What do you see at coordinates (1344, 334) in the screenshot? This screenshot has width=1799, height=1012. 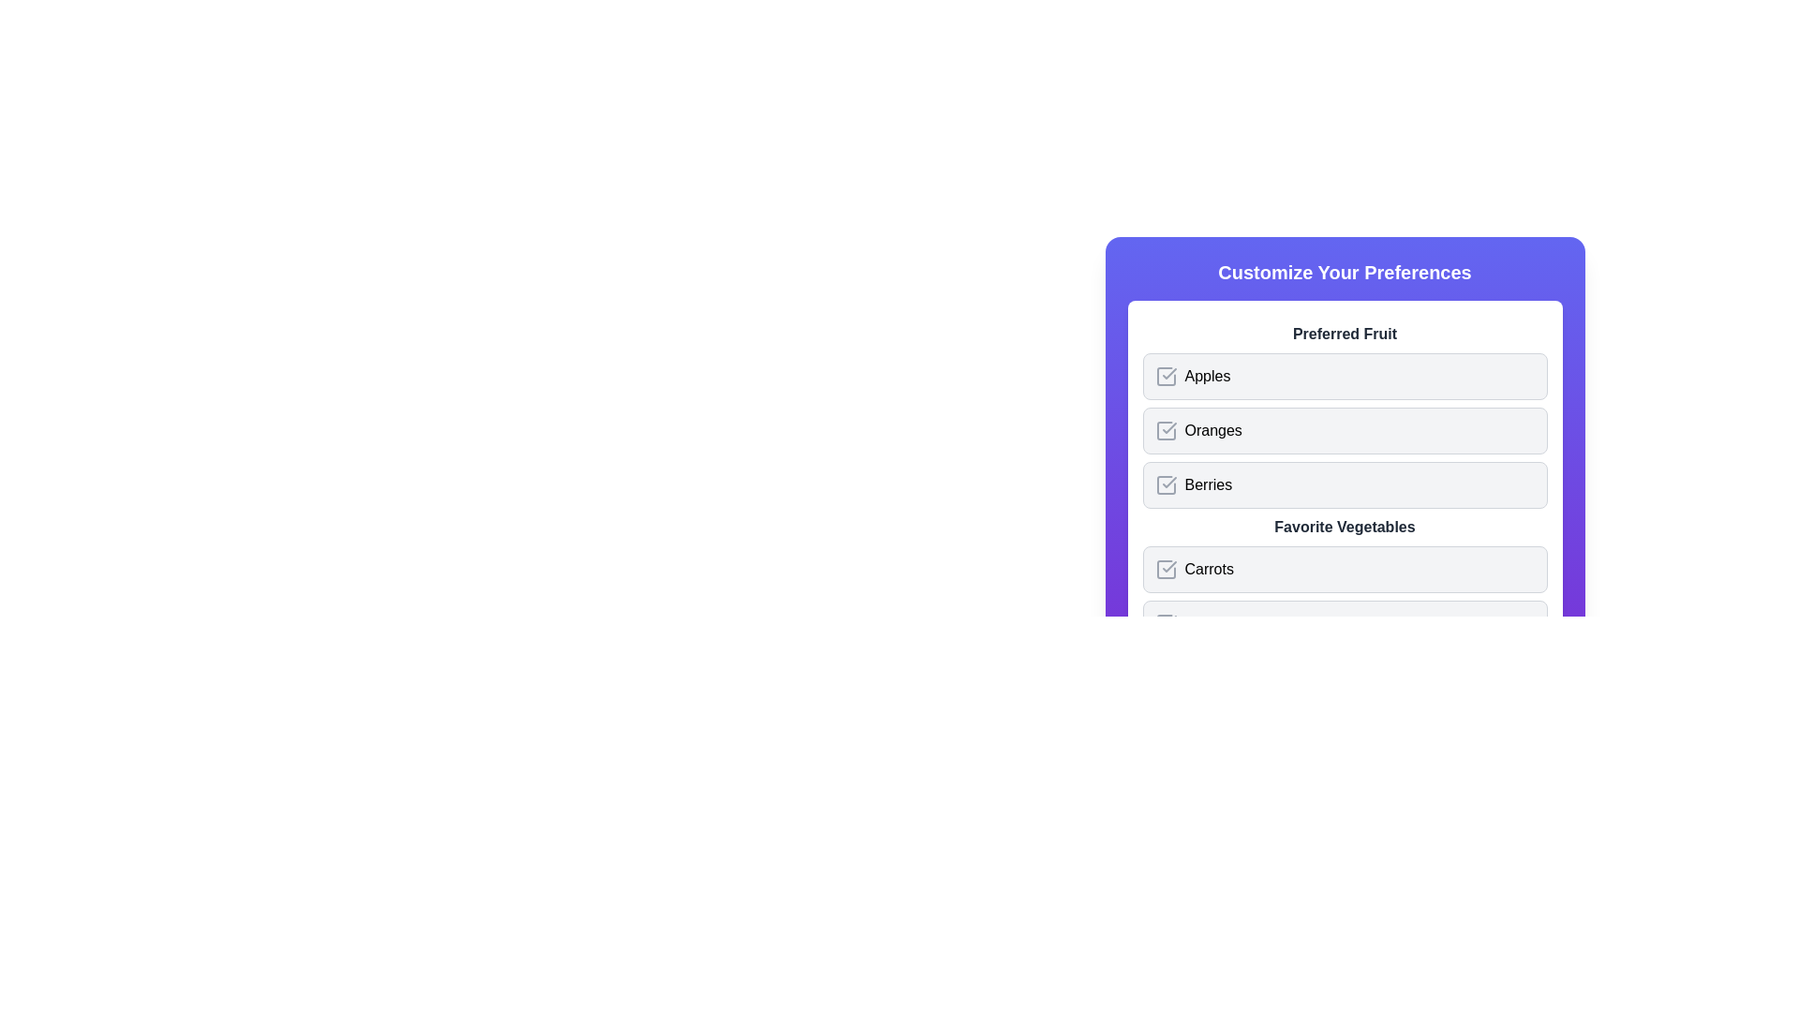 I see `the static text label that introduces the list of items 'Apples', 'Oranges', and 'Berries', positioned at the top of the form and horizontally centered in the interface` at bounding box center [1344, 334].